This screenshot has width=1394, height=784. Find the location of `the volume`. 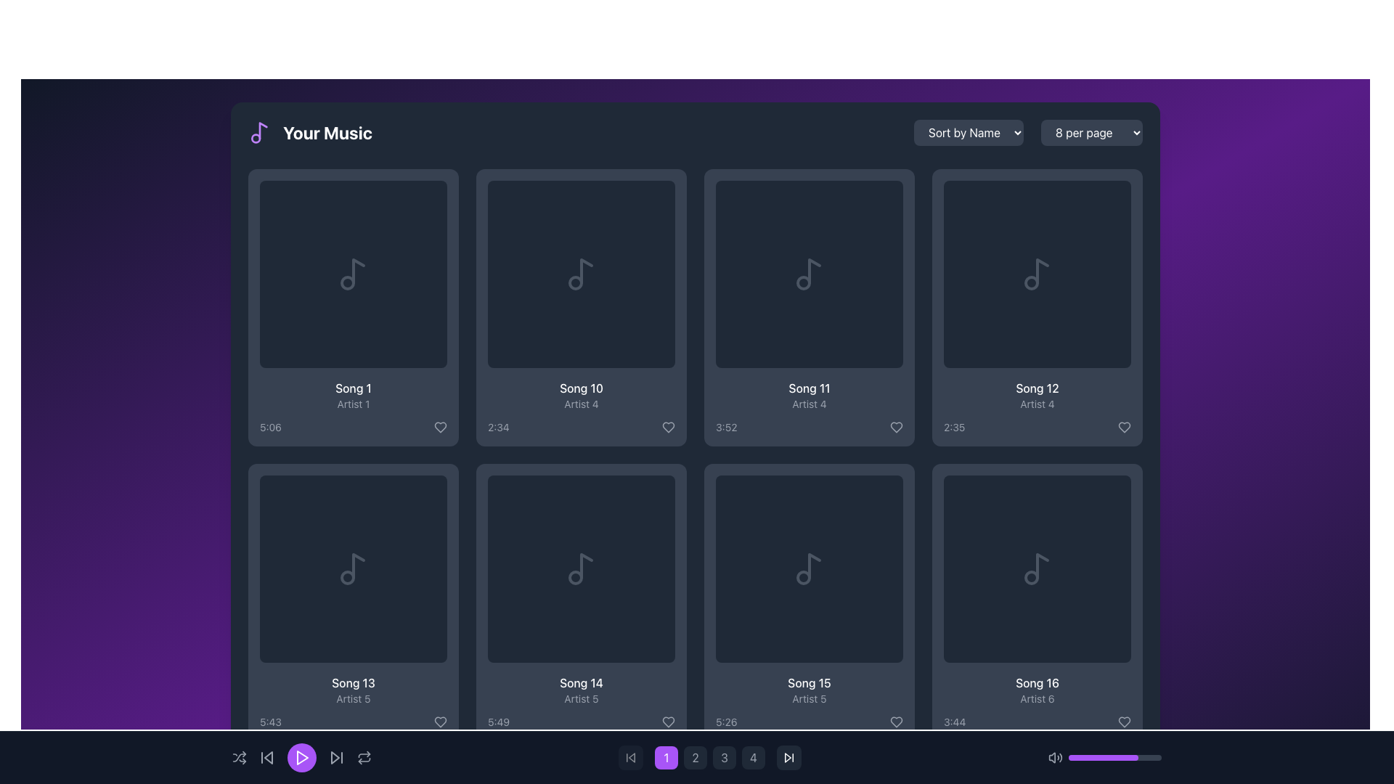

the volume is located at coordinates (1129, 757).